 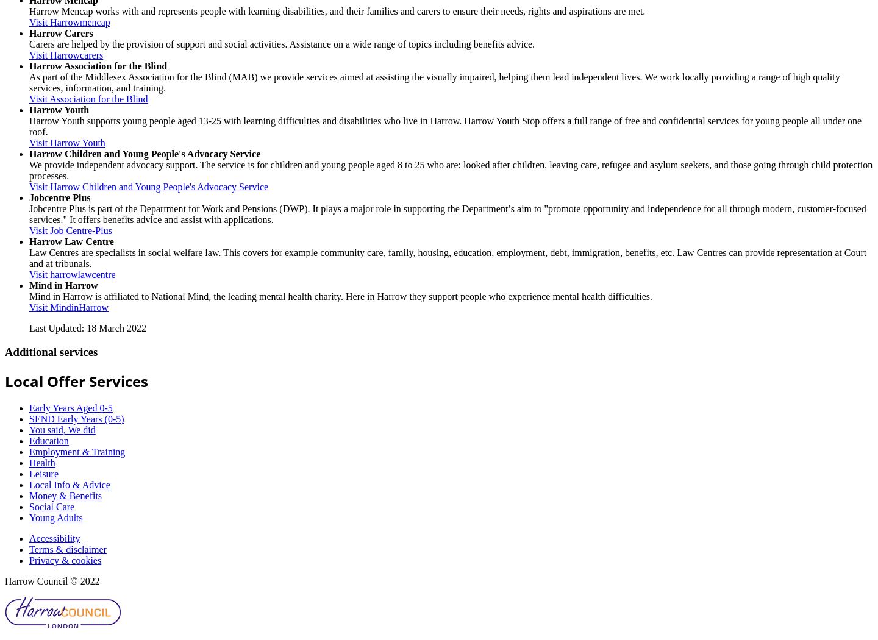 What do you see at coordinates (28, 54) in the screenshot?
I see `'Visit Harrowcarers'` at bounding box center [28, 54].